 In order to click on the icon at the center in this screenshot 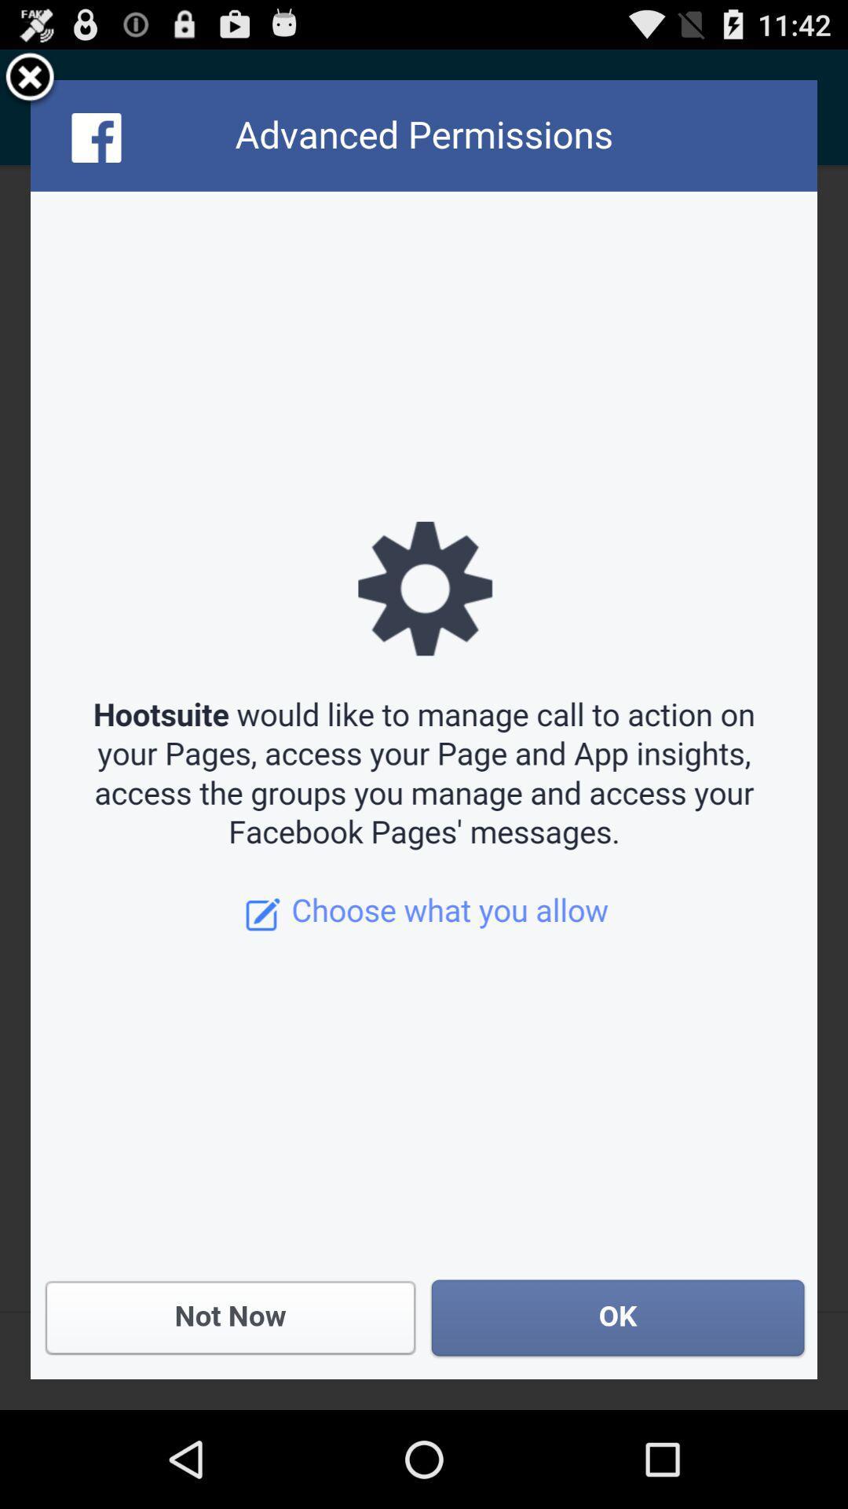, I will do `click(424, 729)`.